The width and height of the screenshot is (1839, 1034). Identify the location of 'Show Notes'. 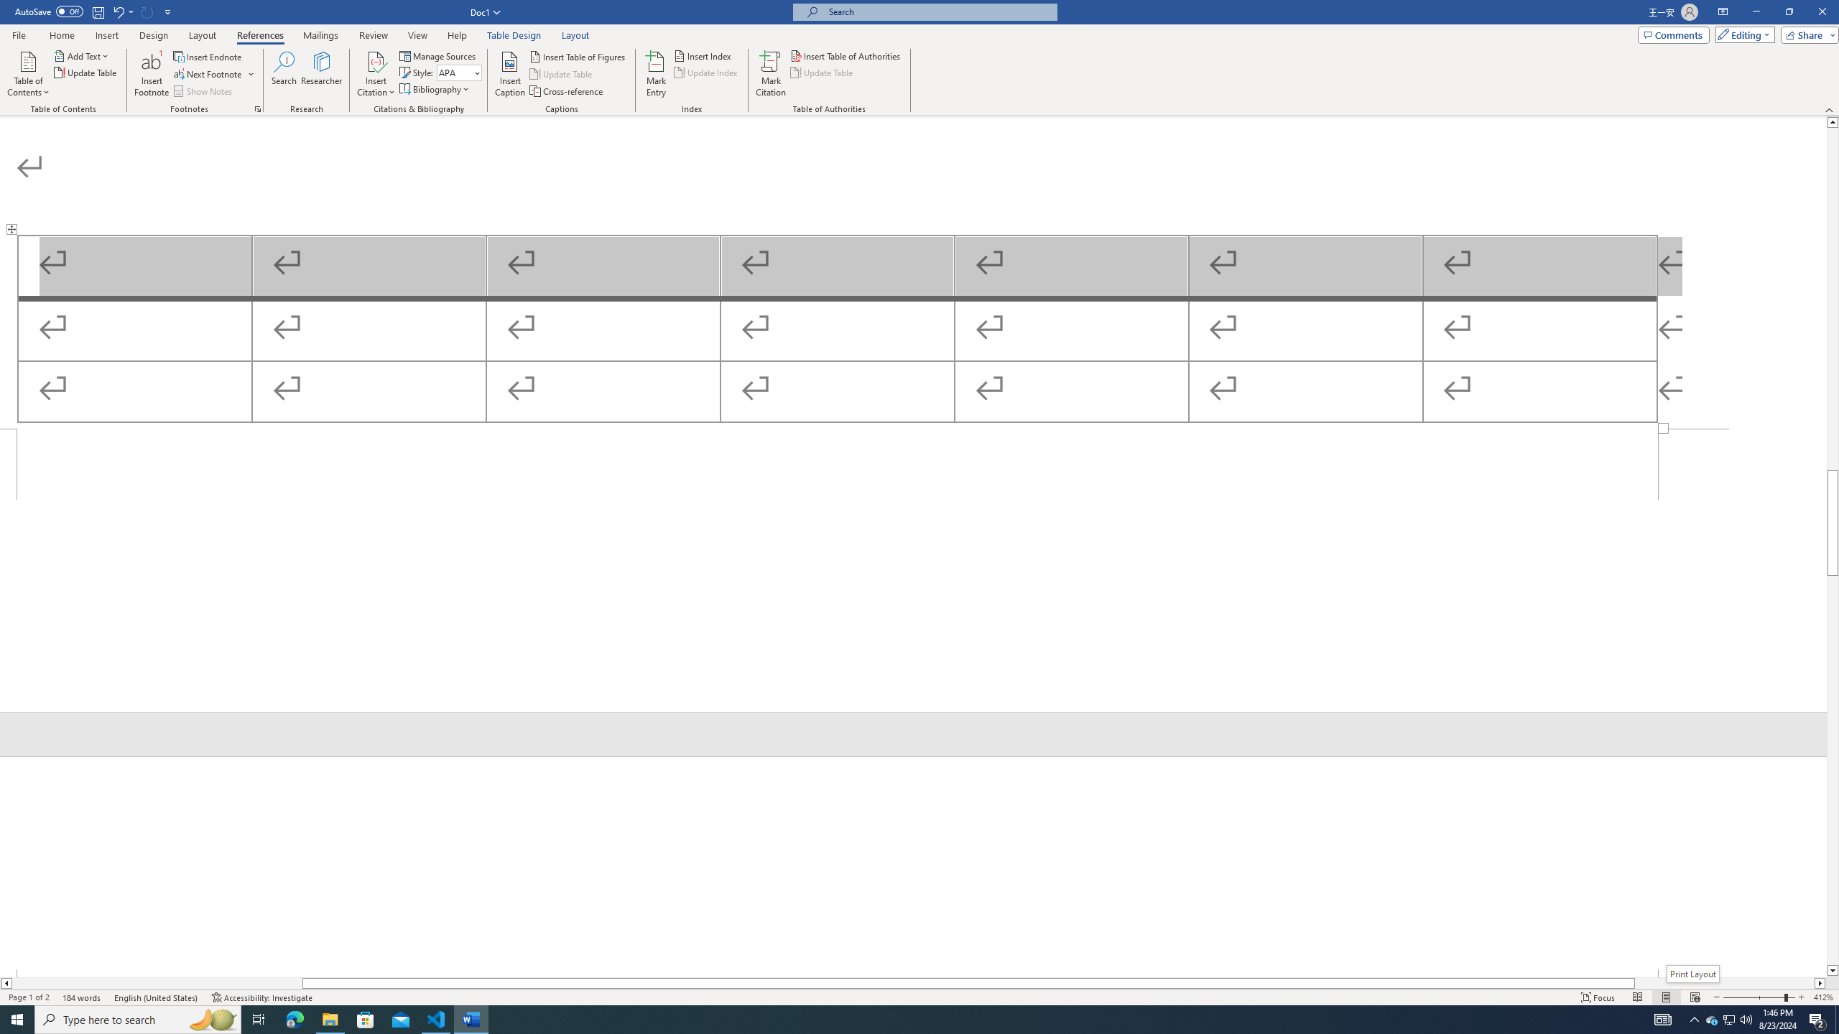
(204, 91).